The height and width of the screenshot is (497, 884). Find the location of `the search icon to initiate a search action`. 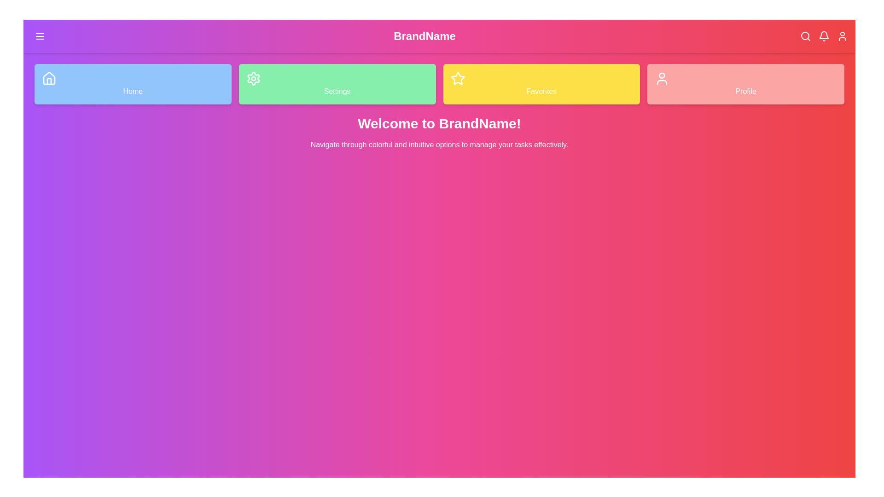

the search icon to initiate a search action is located at coordinates (805, 35).